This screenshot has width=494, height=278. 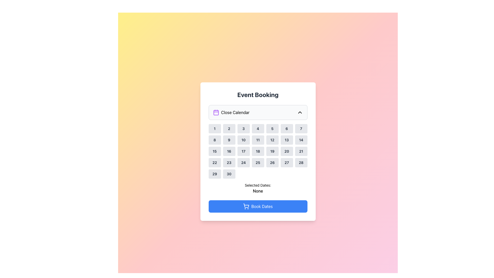 I want to click on the button that displays the number '19' with a light gray background in the fifth column of the third row of the grid layout, so click(x=272, y=151).